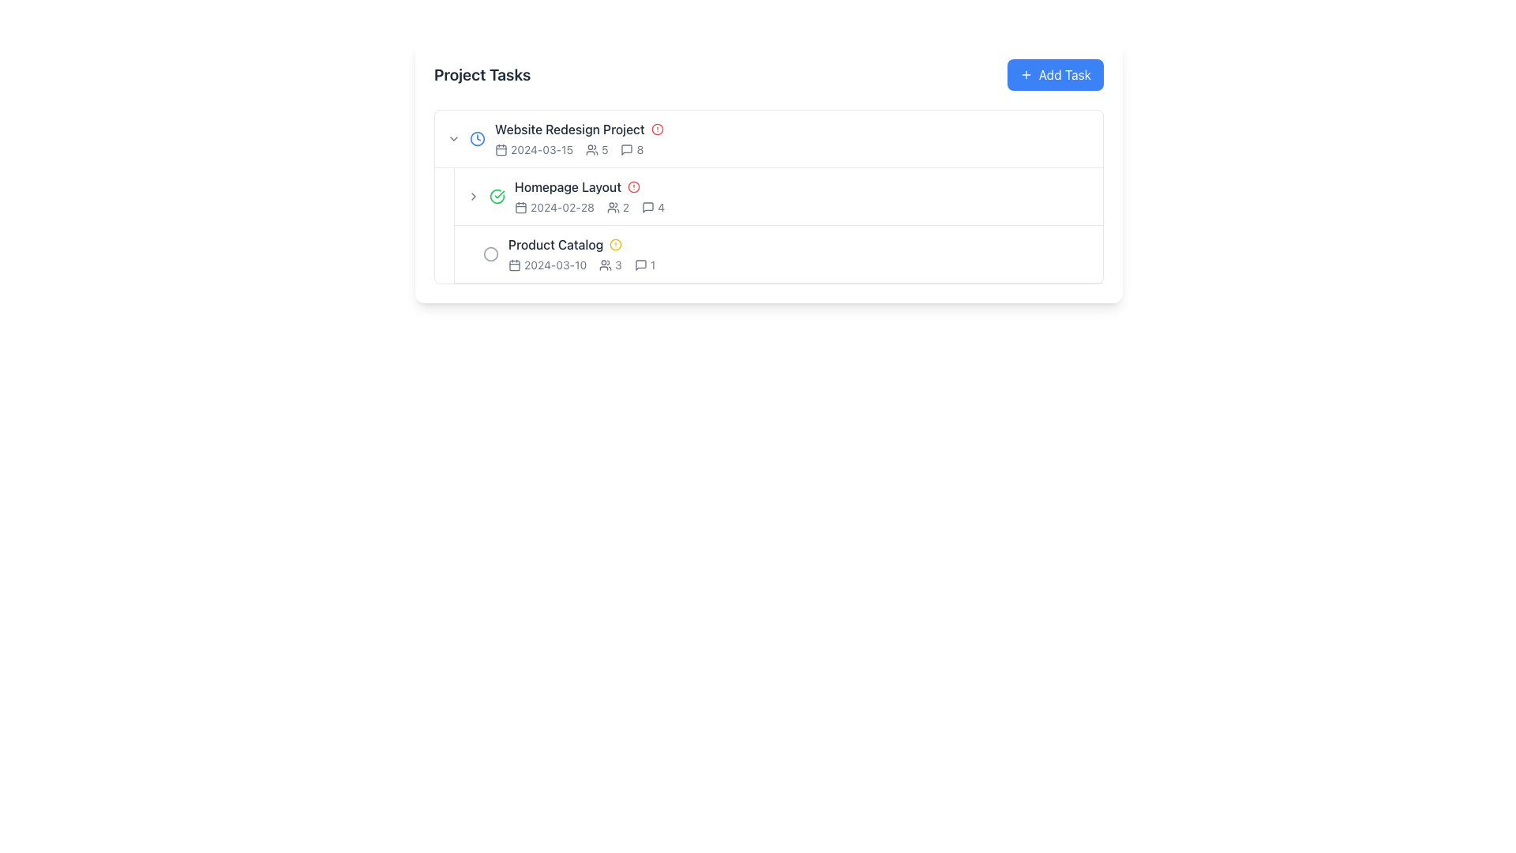 The width and height of the screenshot is (1516, 853). I want to click on date displayed in the static text label indicating the date '2024-02-28', which is located in the second row of the task list for 'Homepage Layout', adjacent to a calendar icon, so click(562, 206).